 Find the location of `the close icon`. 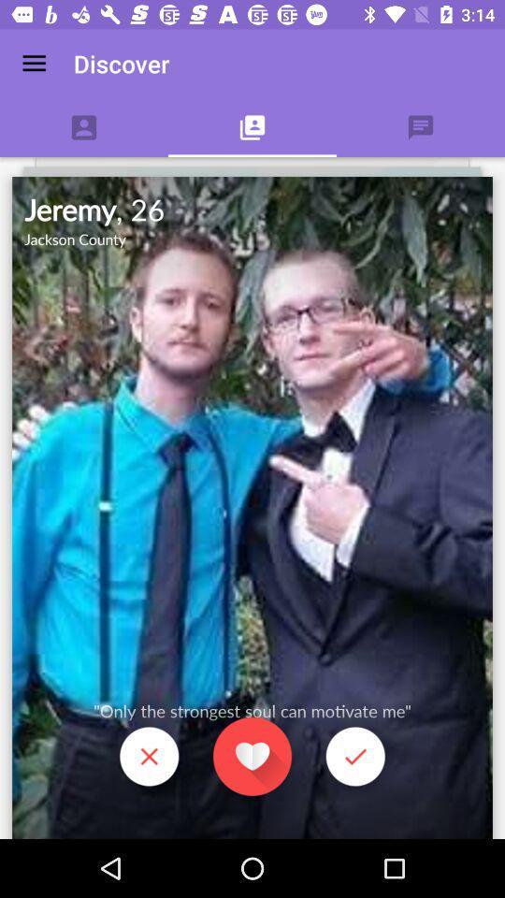

the close icon is located at coordinates (148, 759).